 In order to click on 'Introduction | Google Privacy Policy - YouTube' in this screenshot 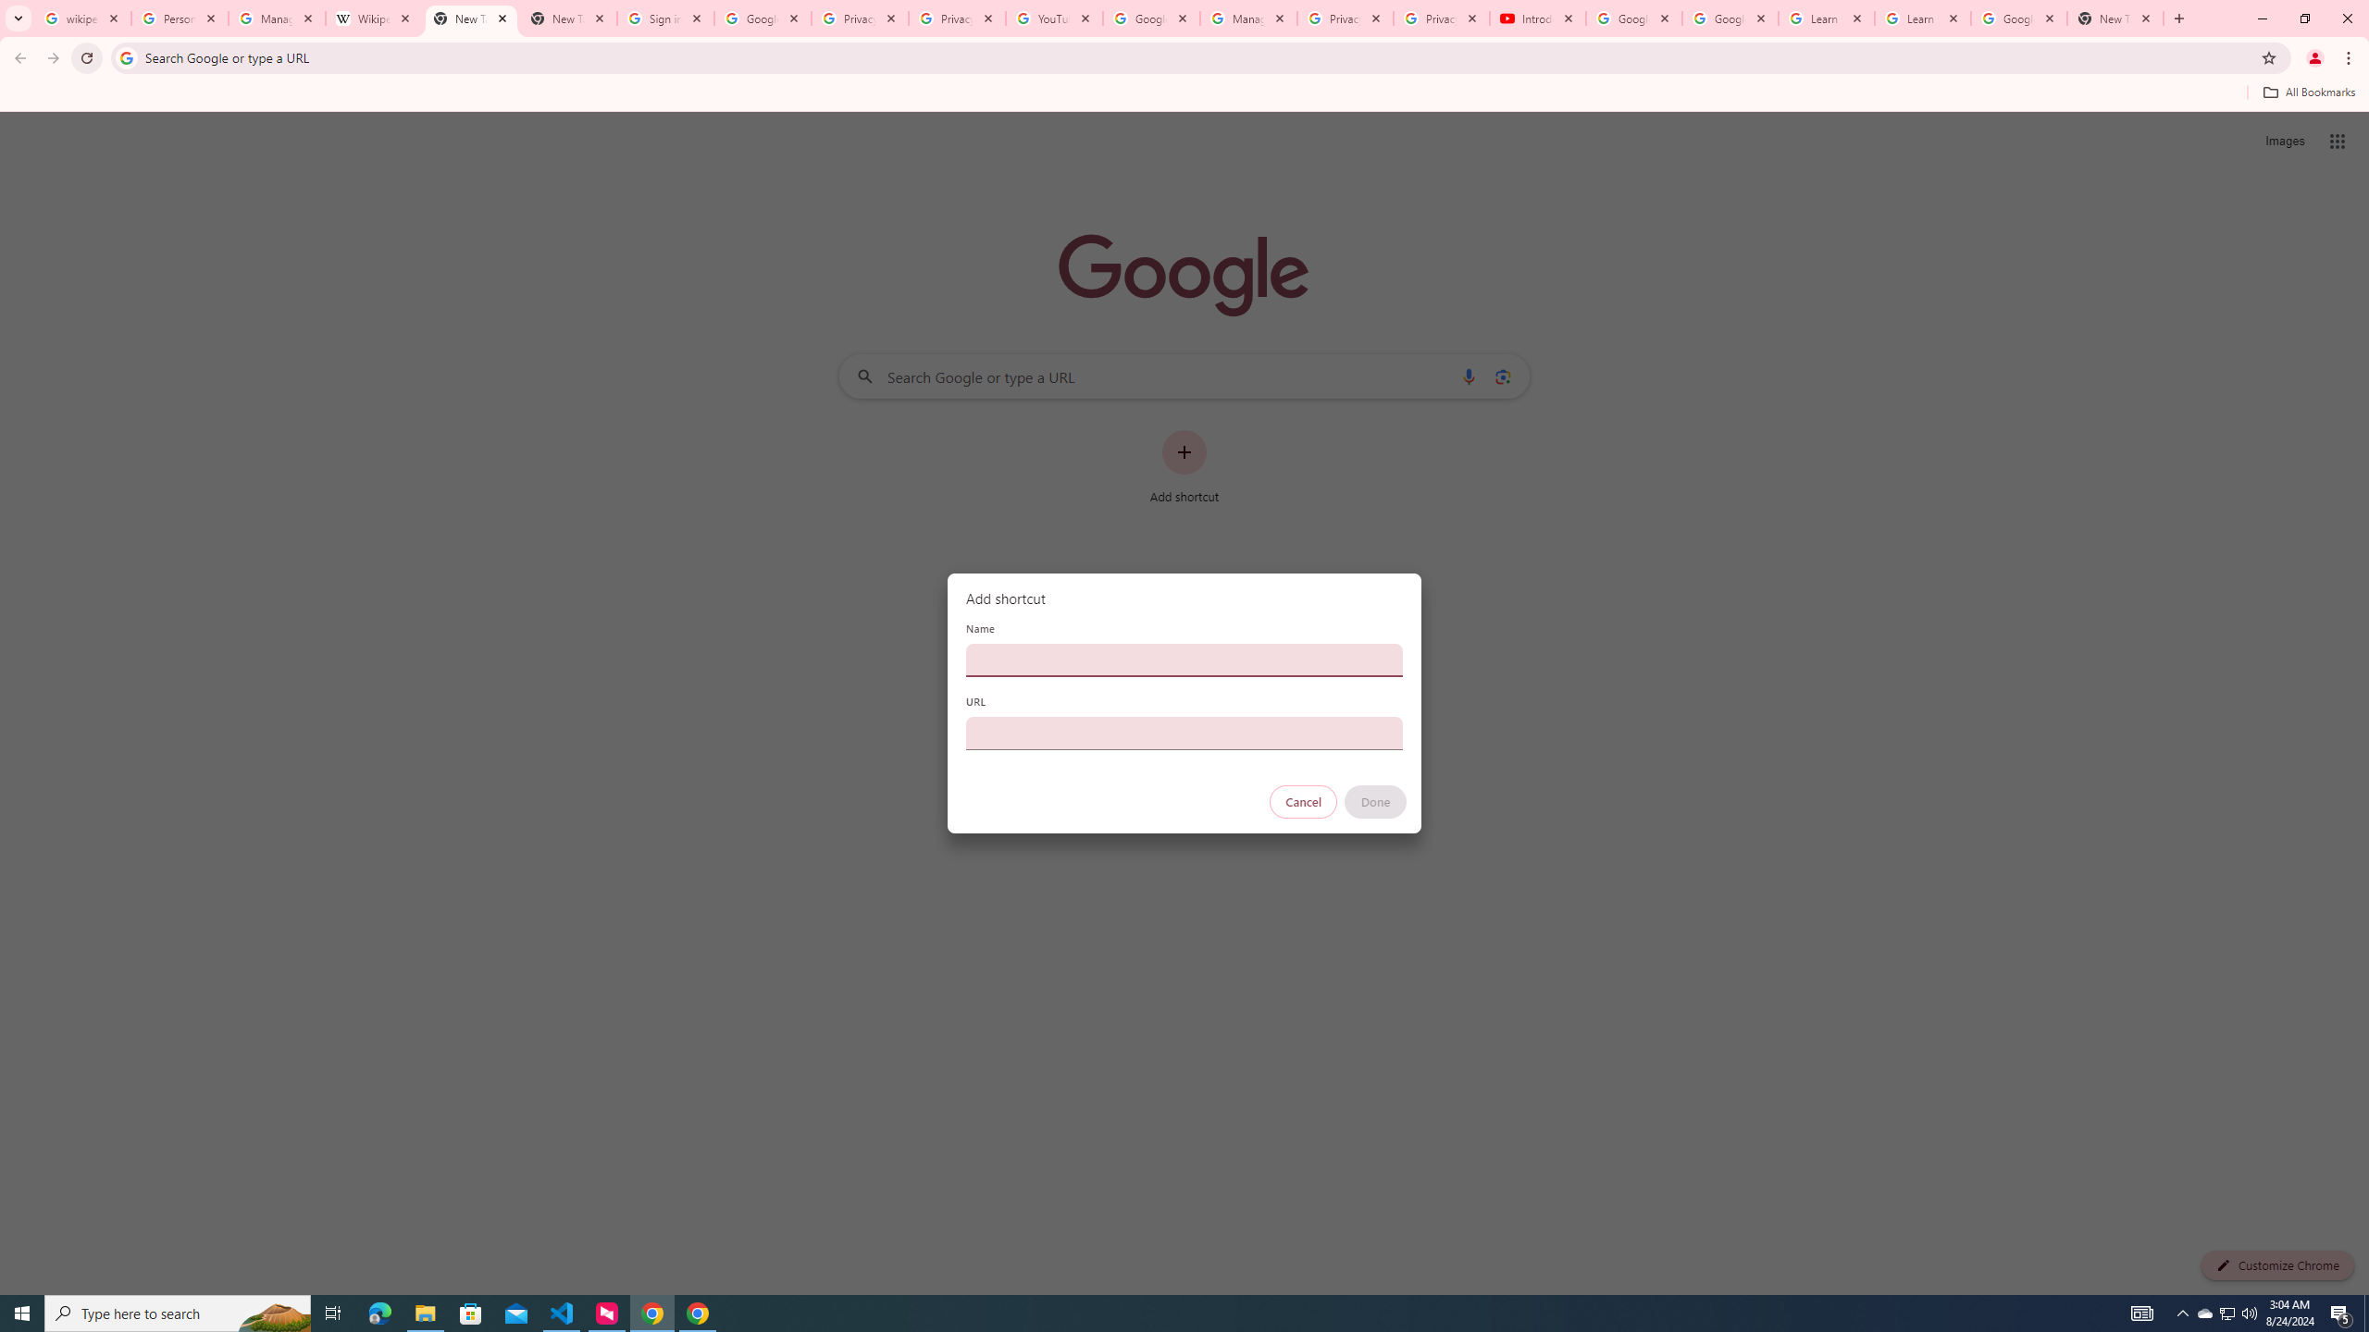, I will do `click(1536, 18)`.